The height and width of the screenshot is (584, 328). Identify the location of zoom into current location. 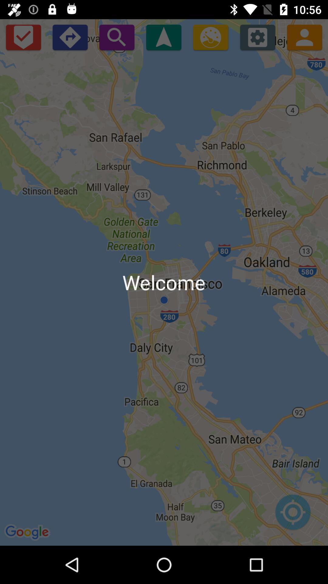
(292, 515).